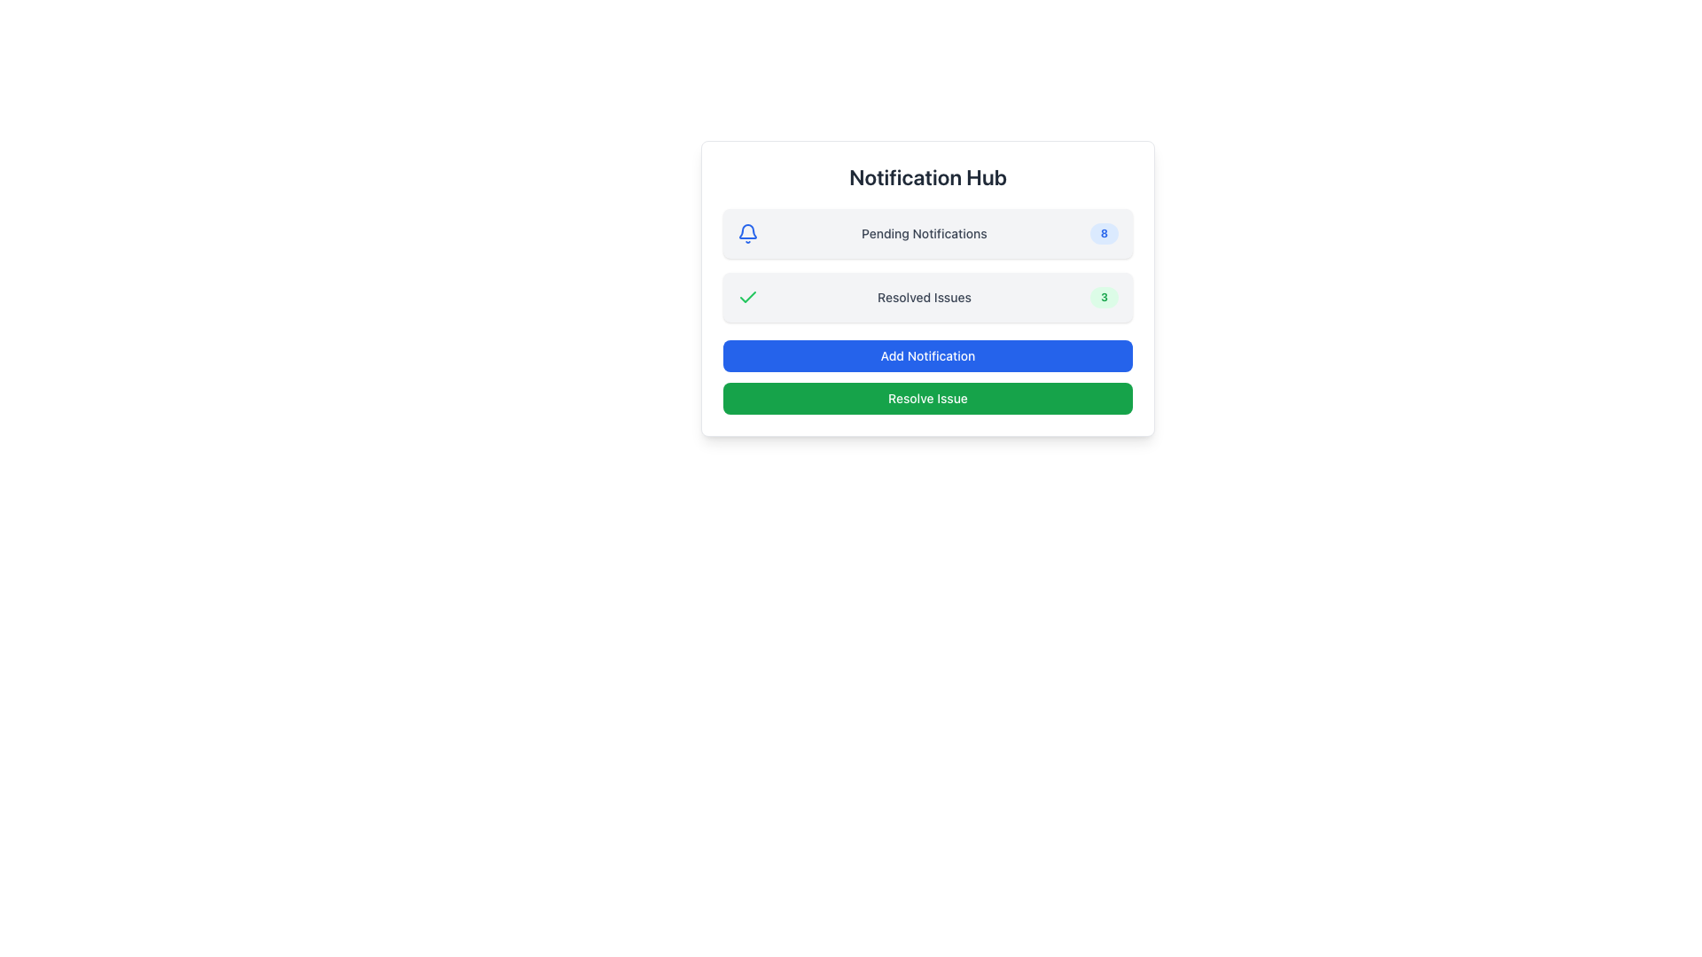 The image size is (1702, 957). What do you see at coordinates (926, 288) in the screenshot?
I see `the informational card displaying the count of resolved issues ('3') in the notification hub, which is the second item in the vertical list between 'Pending Notifications' and 'Add Notification'` at bounding box center [926, 288].